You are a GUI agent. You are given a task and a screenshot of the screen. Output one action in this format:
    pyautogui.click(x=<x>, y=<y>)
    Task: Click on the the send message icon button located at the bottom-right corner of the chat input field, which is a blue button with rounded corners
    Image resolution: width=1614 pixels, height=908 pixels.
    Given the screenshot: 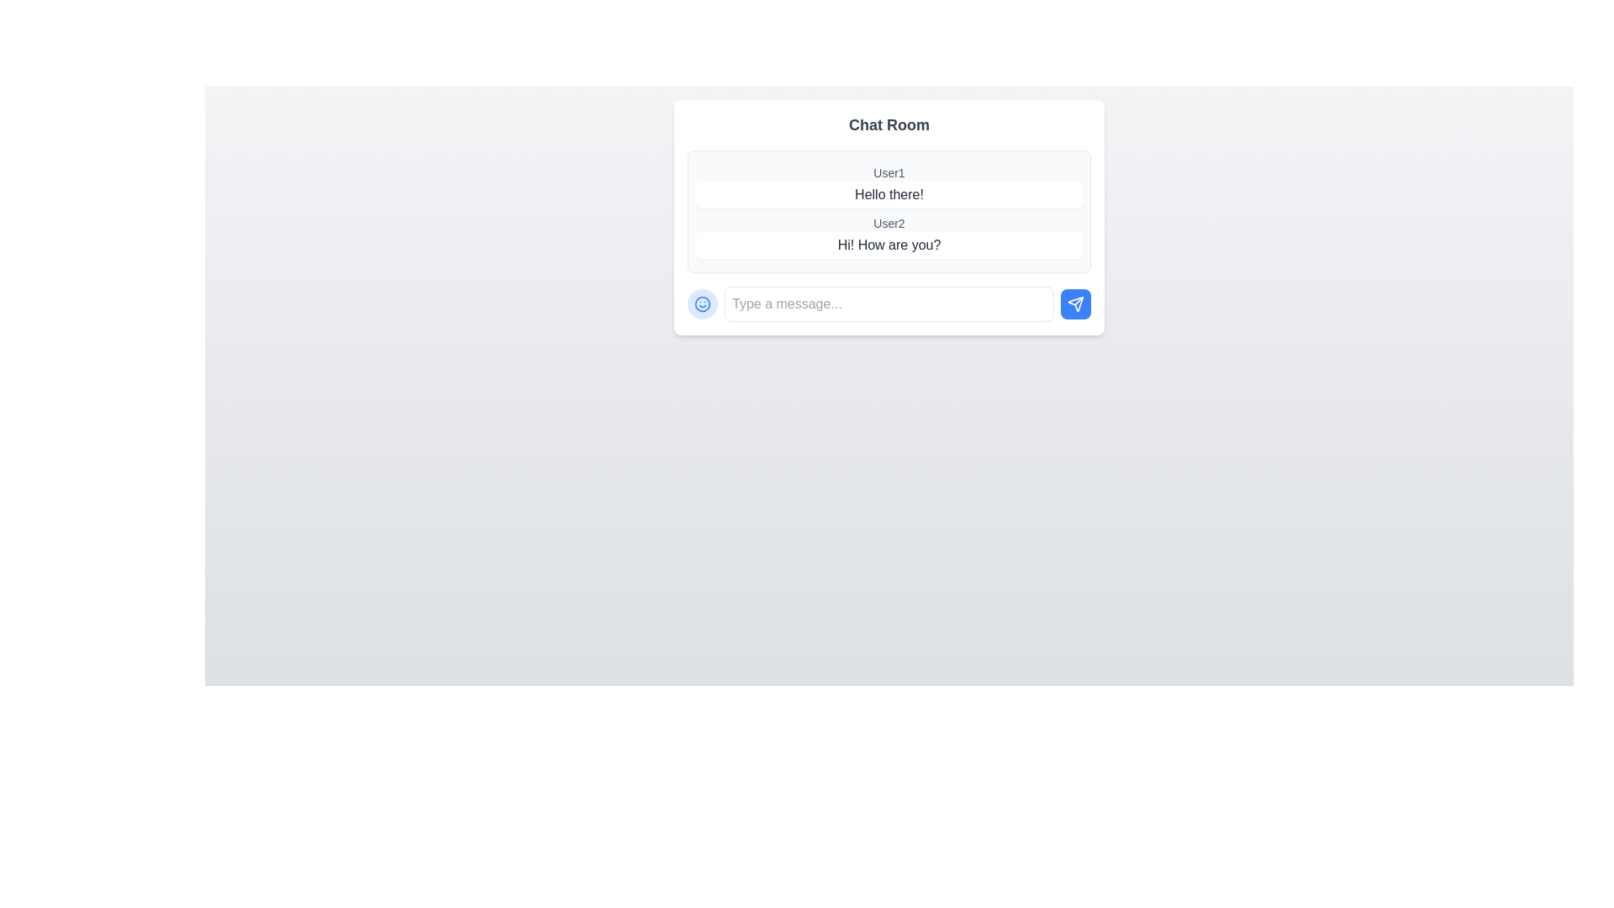 What is the action you would take?
    pyautogui.click(x=1076, y=304)
    